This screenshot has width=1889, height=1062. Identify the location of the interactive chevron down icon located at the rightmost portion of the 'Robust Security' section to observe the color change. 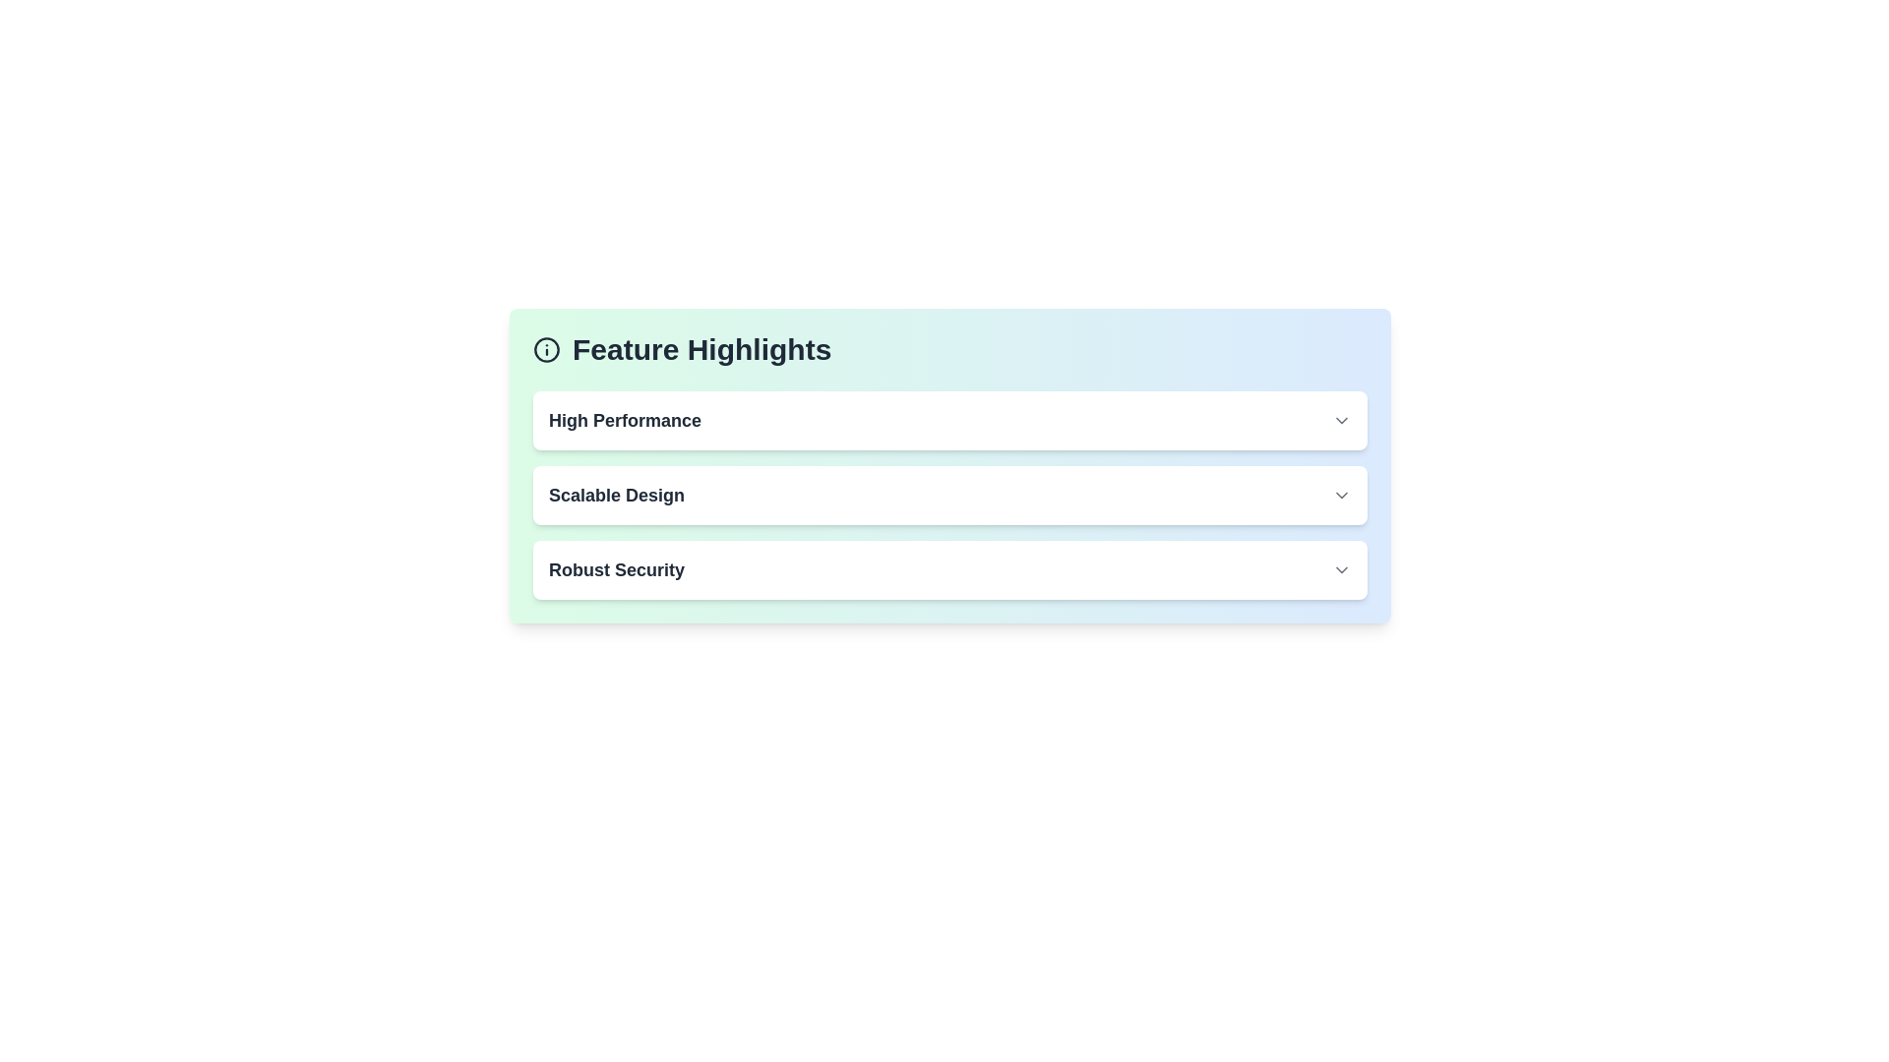
(1340, 569).